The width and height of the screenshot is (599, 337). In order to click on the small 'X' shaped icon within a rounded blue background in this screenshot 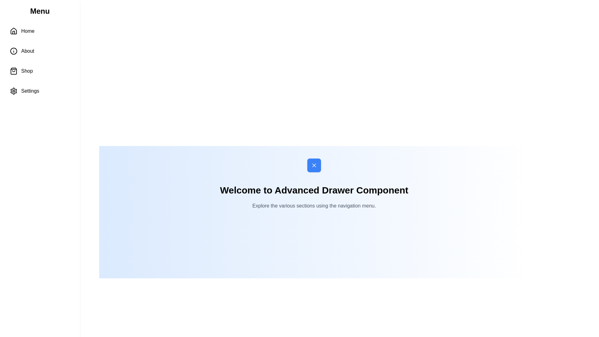, I will do `click(314, 165)`.